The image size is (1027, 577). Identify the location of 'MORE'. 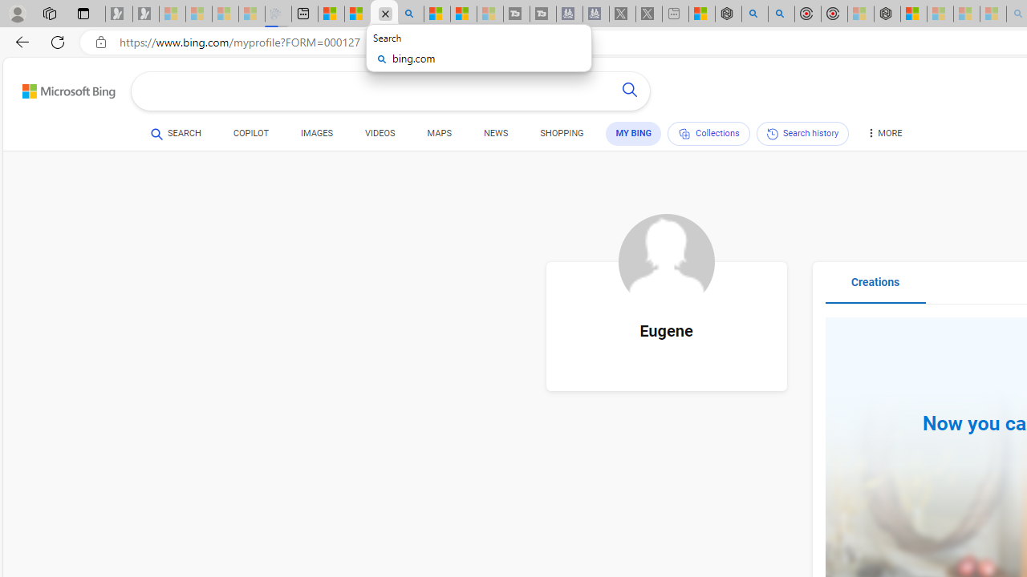
(883, 135).